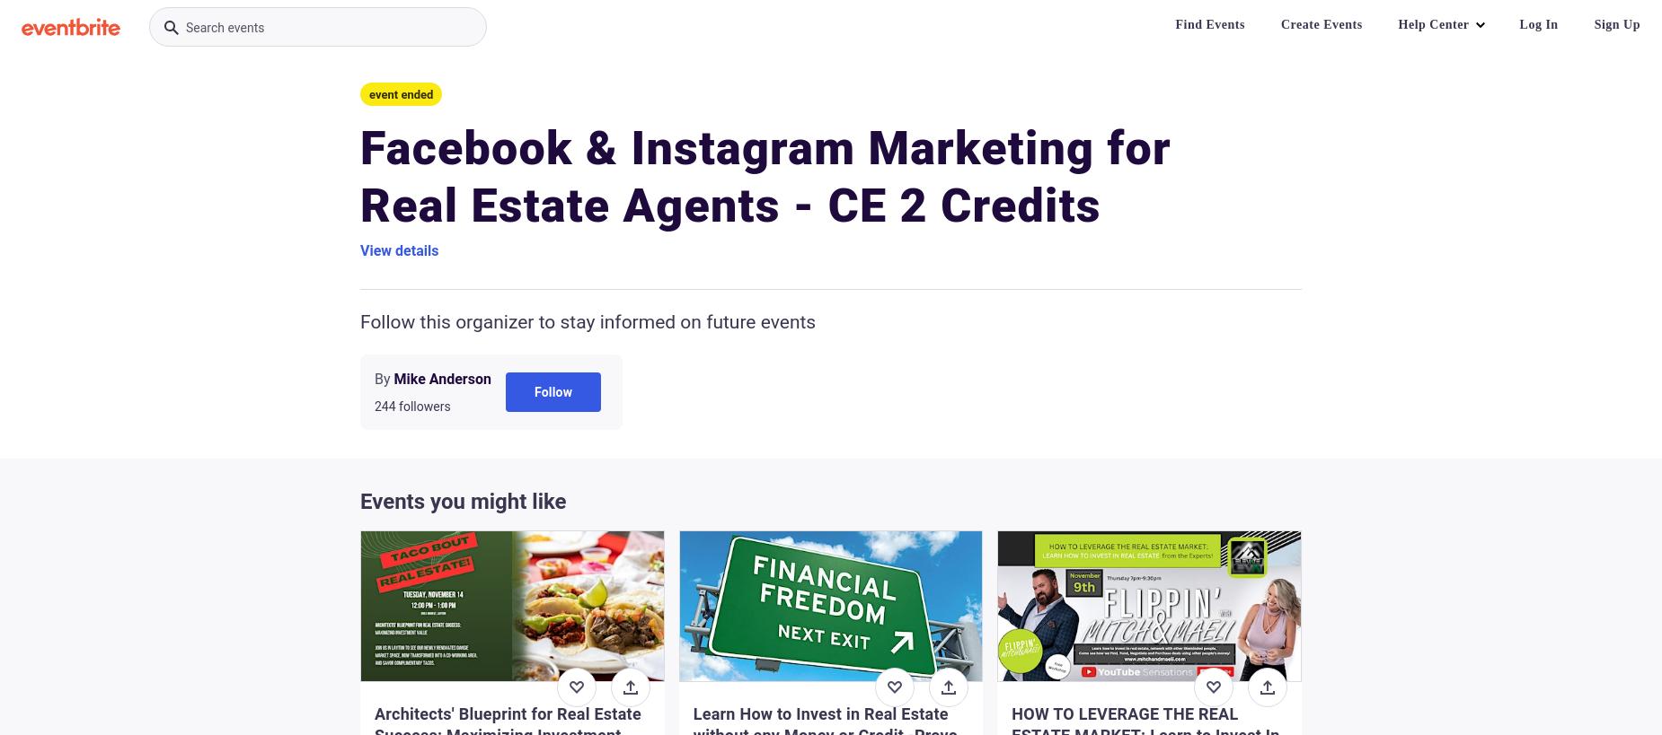 Image resolution: width=1662 pixels, height=735 pixels. I want to click on 'Follow this organizer to stay informed on future events', so click(588, 320).